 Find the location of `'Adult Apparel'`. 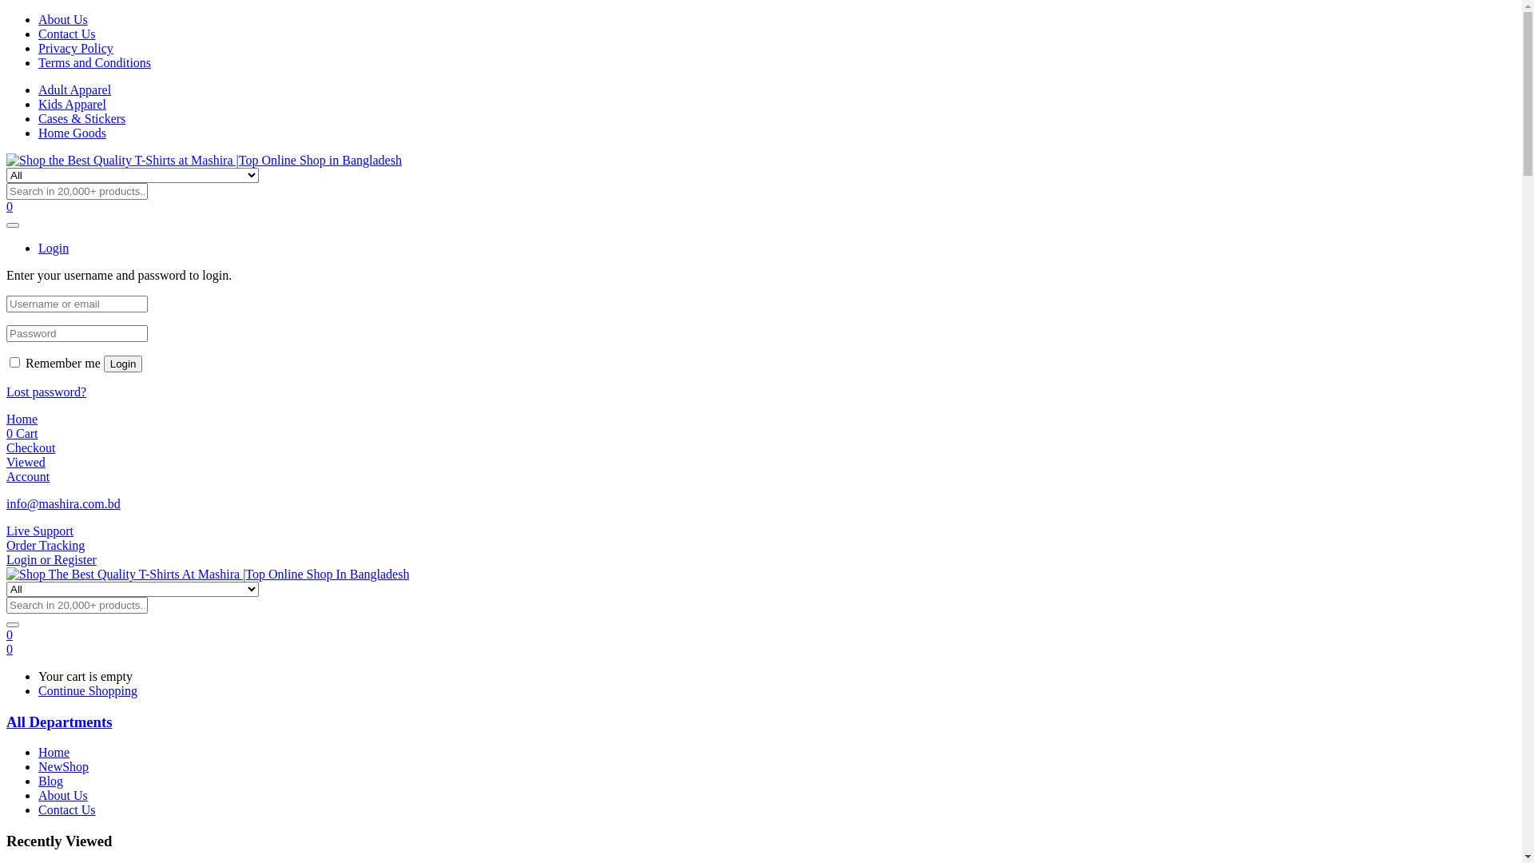

'Adult Apparel' is located at coordinates (74, 89).